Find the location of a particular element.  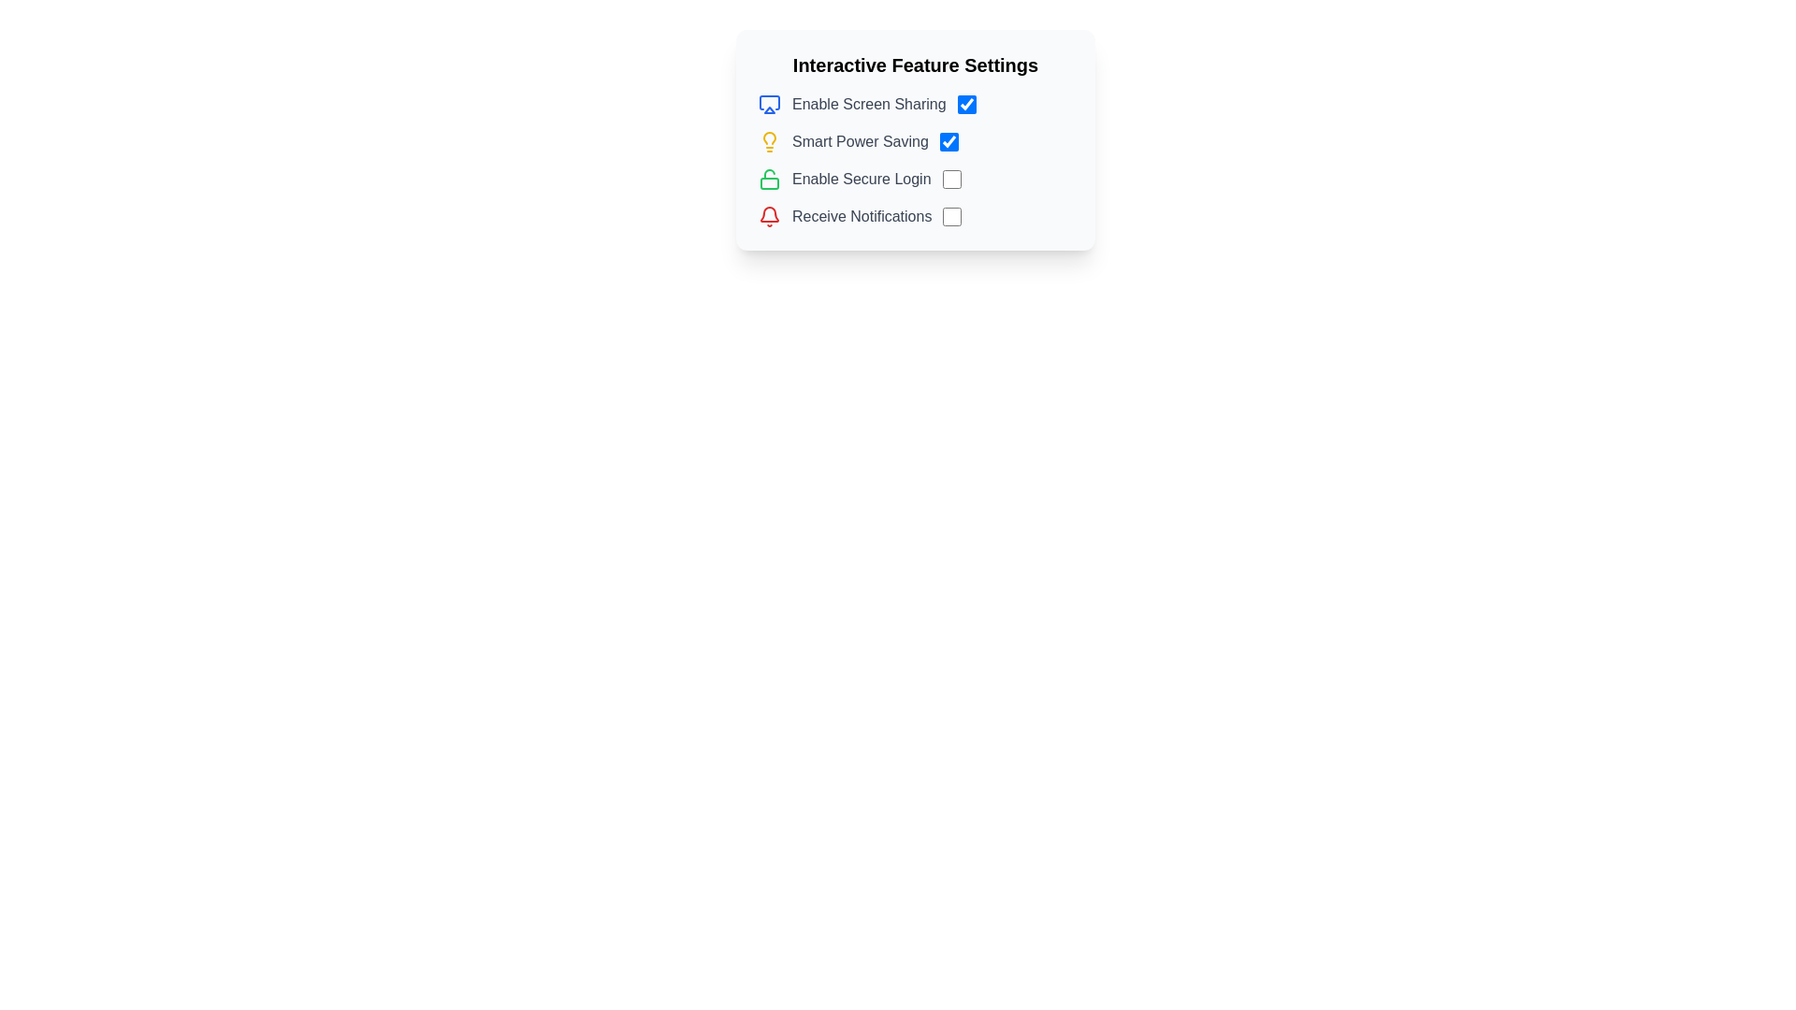

the Checkbox for the secure login feature is located at coordinates (916, 180).